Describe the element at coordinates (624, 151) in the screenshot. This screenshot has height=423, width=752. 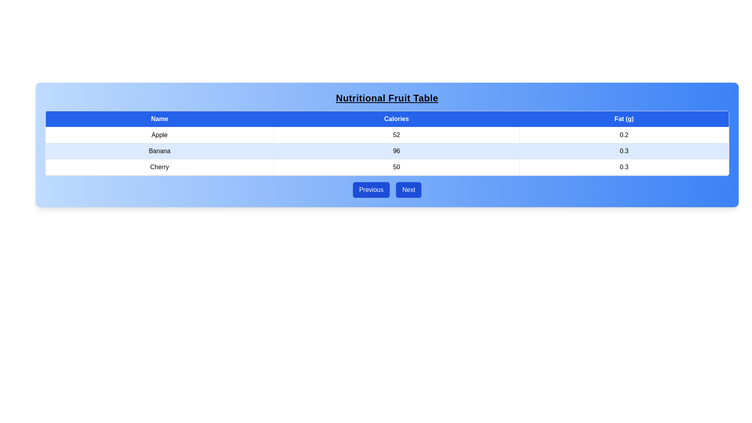
I see `text label displaying the value '0.3' located in the 'Fat (g)' column of the table row corresponding to 'Banana'` at that location.